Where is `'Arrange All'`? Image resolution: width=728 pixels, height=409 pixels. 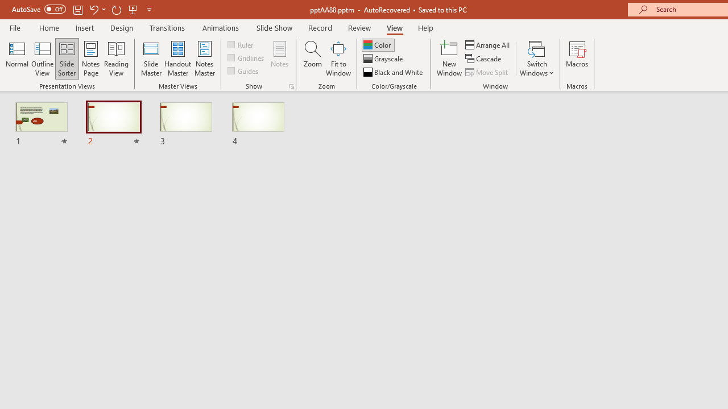
'Arrange All' is located at coordinates (488, 44).